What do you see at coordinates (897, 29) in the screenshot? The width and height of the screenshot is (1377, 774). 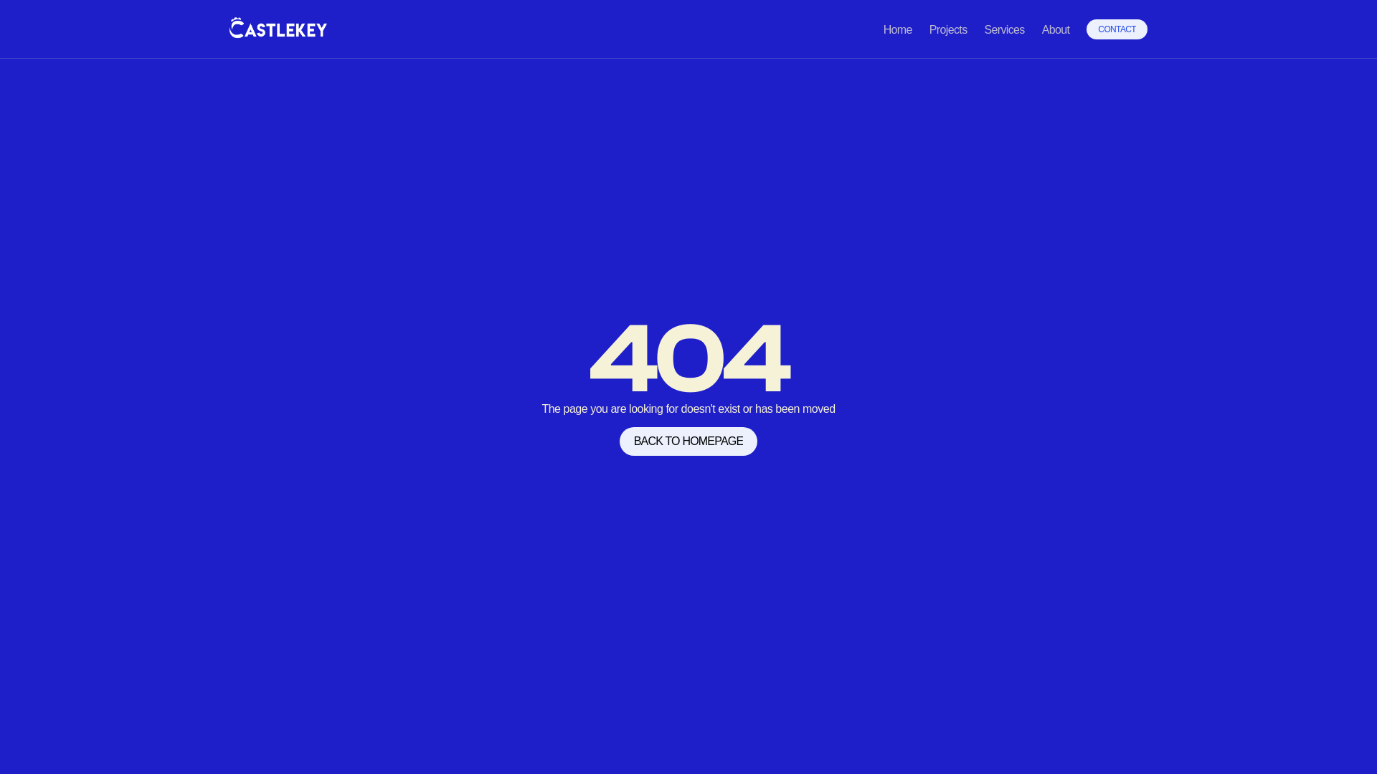 I see `'Home'` at bounding box center [897, 29].